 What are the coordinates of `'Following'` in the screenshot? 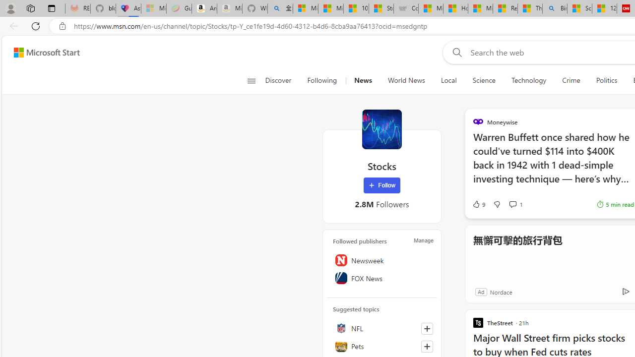 It's located at (322, 80).